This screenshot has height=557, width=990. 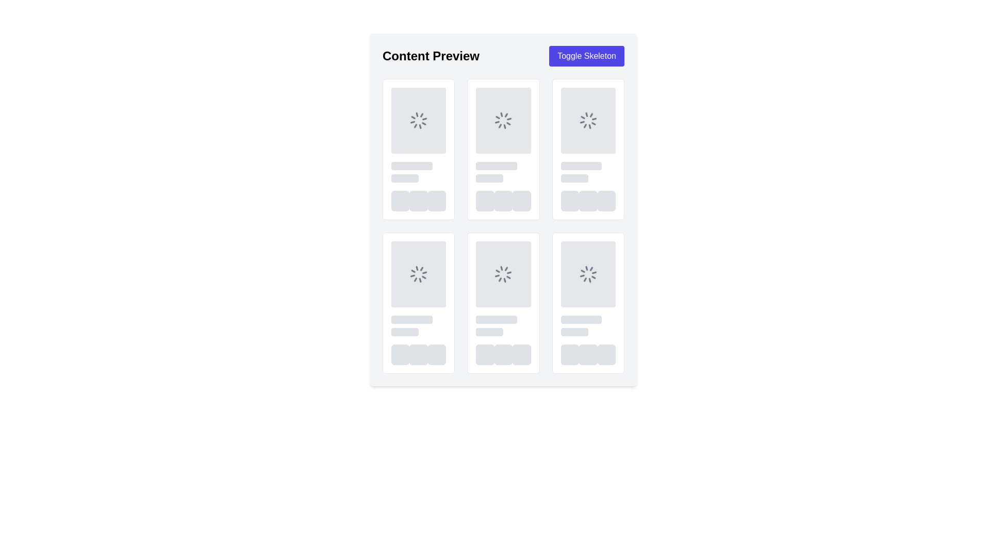 What do you see at coordinates (419, 354) in the screenshot?
I see `the middle rounded square loading indicator, which is part of a three-element group at the bottom row of the grid layout` at bounding box center [419, 354].